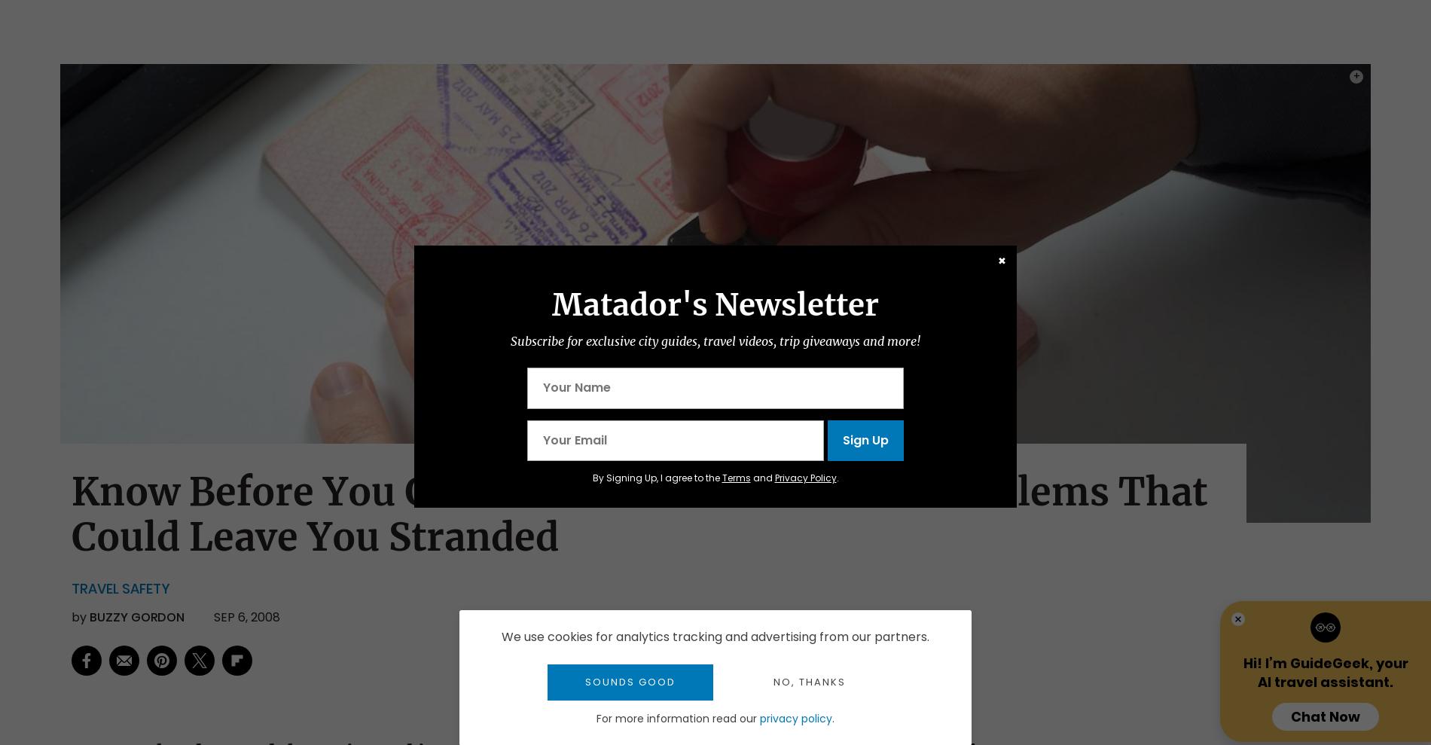 The height and width of the screenshot is (745, 1431). I want to click on 'No, thanks', so click(773, 681).